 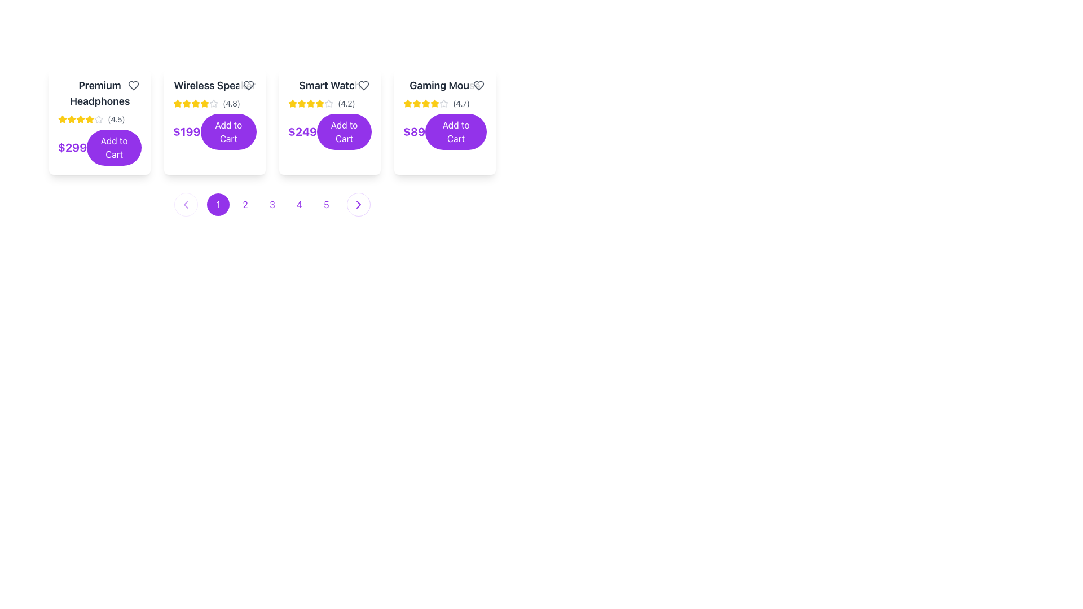 I want to click on the yellow five-pointed star icon in the star rating section of the 'Smart Watch' product card to interact with it, so click(x=292, y=103).